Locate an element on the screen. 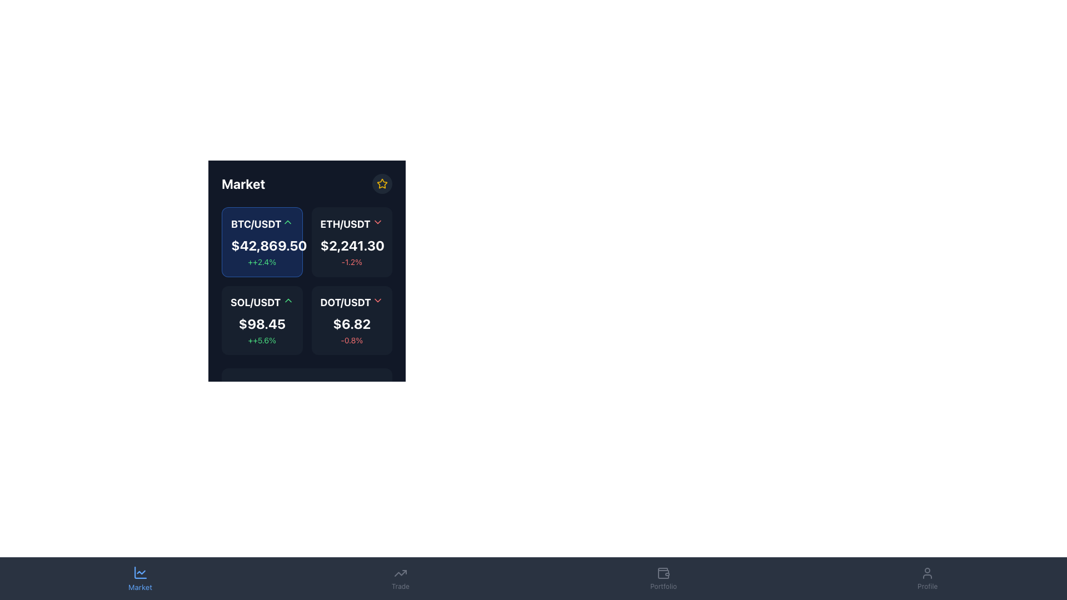 This screenshot has height=600, width=1067. the first grid item representing the BTC/USDT trading pair is located at coordinates (261, 241).